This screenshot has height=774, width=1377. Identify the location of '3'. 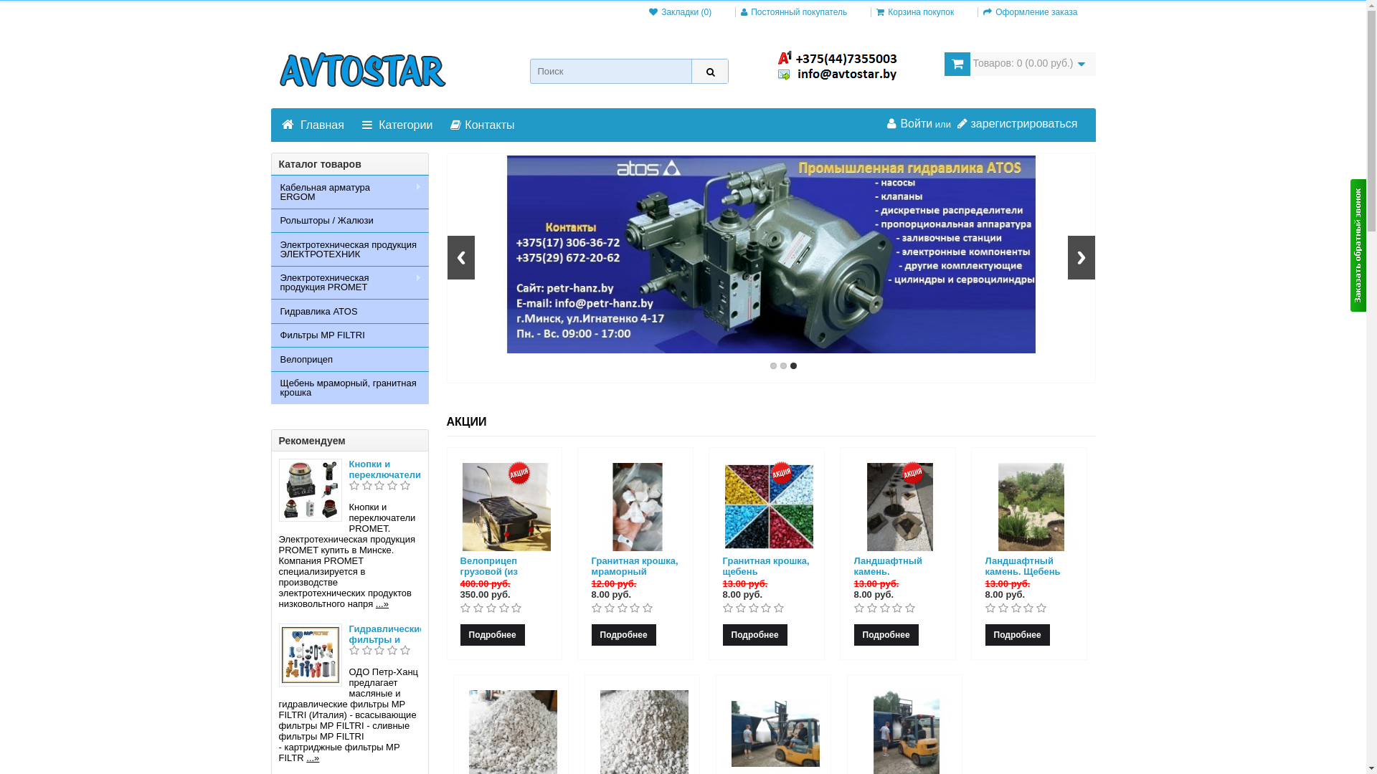
(792, 365).